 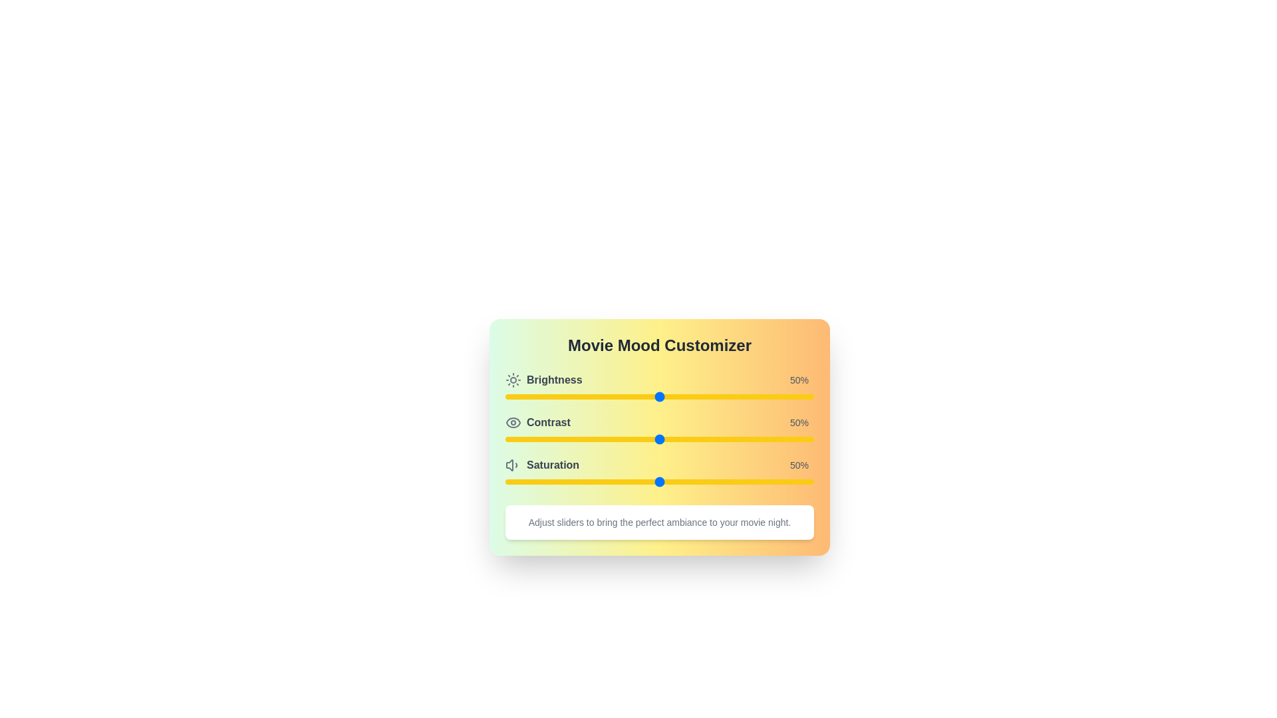 I want to click on the text label displaying '50%' in gray color, located to the far right of the 'Contrast' section, so click(x=798, y=423).